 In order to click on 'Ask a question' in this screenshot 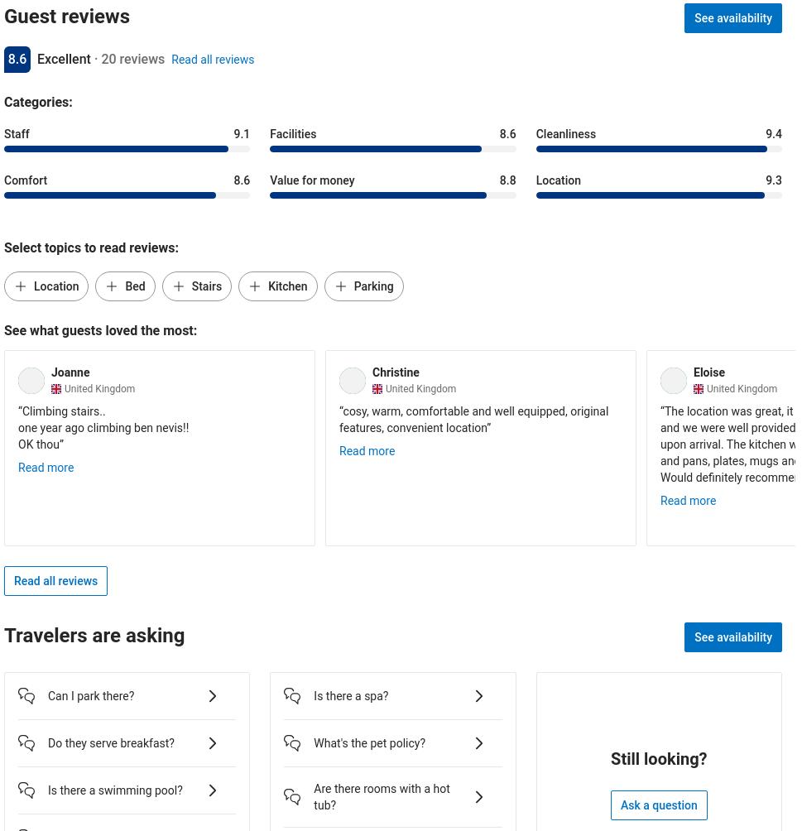, I will do `click(620, 804)`.